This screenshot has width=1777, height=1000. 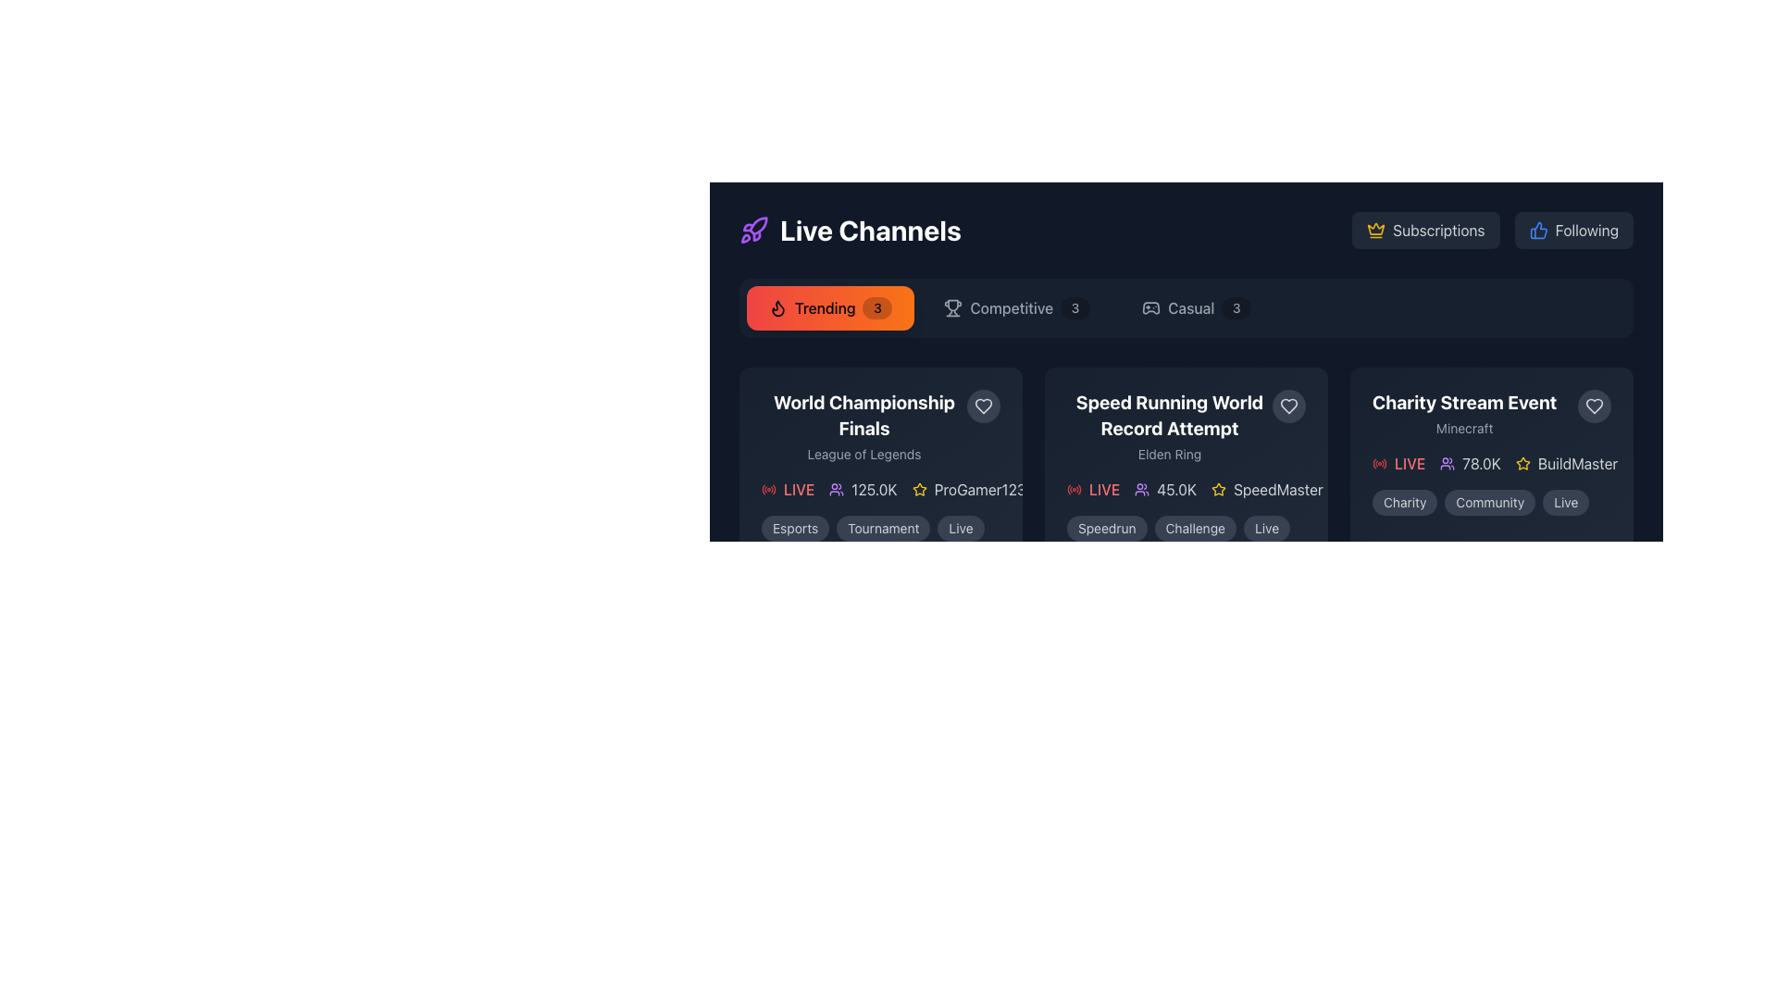 What do you see at coordinates (1186, 528) in the screenshot?
I see `the Tag group containing the text segments 'Speedrun', 'Challenge', and 'Live'` at bounding box center [1186, 528].